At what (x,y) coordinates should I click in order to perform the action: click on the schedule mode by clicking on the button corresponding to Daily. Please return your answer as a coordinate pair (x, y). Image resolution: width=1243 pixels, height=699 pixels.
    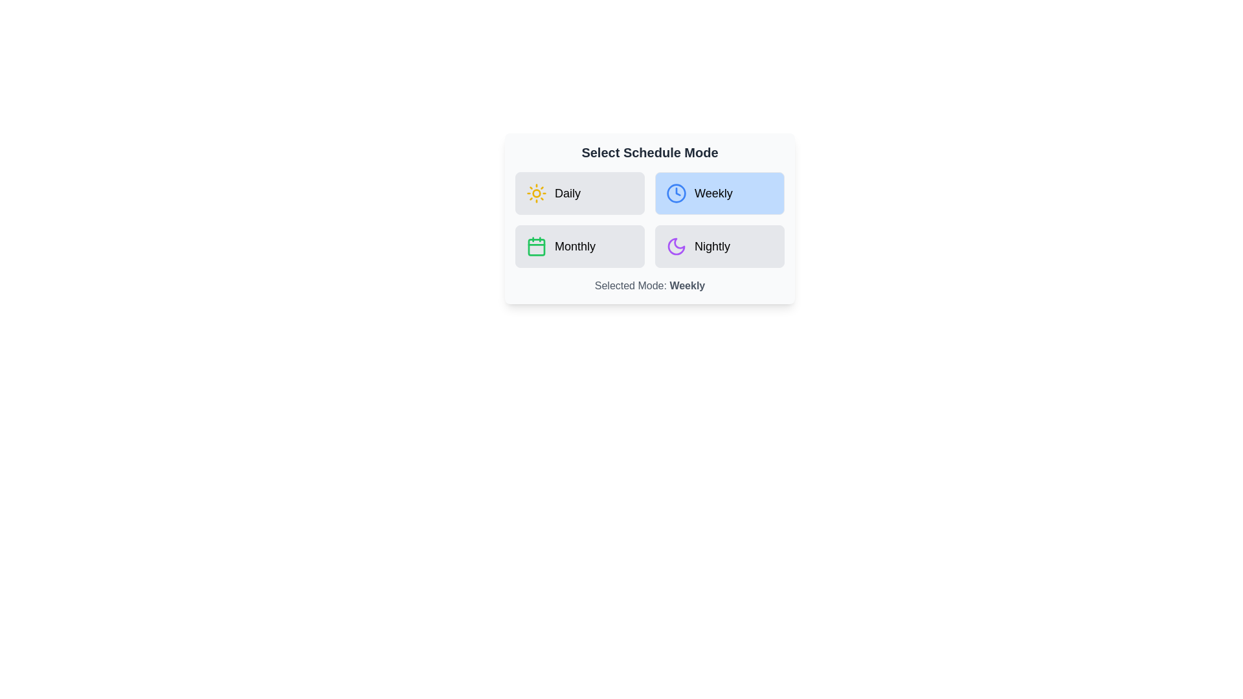
    Looking at the image, I should click on (579, 194).